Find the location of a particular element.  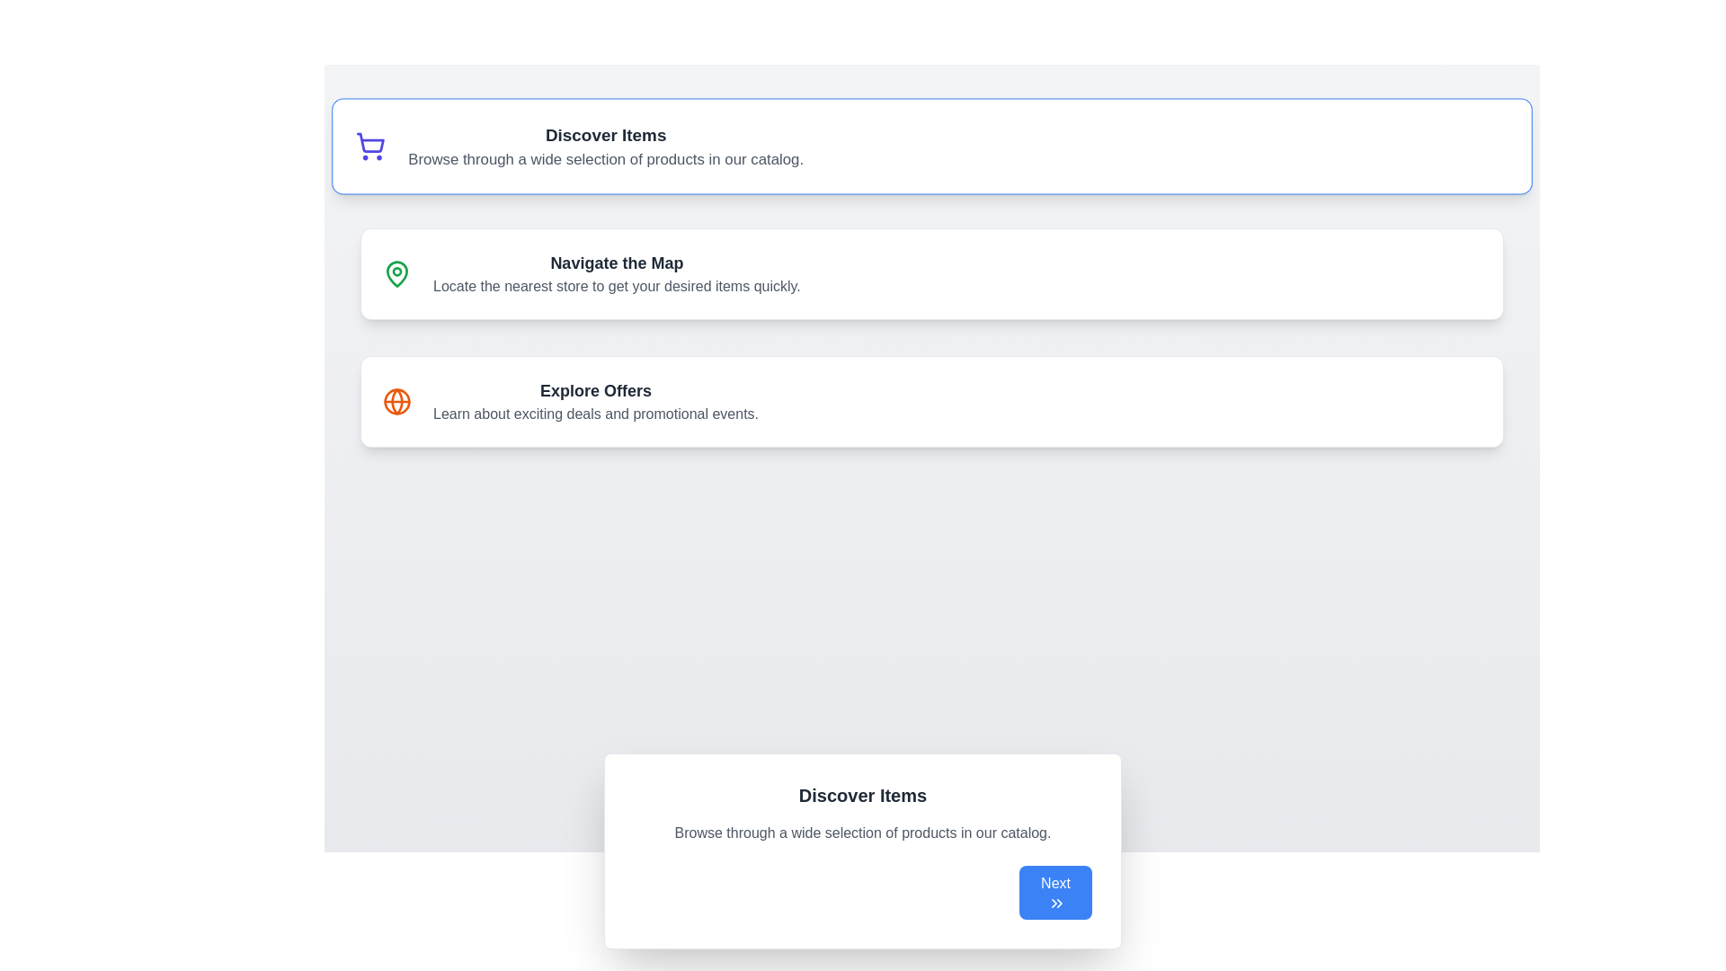

the Informational text block that displays 'Explore Offers' and 'Learn about exciting deals and promotional events.' is located at coordinates (595, 401).